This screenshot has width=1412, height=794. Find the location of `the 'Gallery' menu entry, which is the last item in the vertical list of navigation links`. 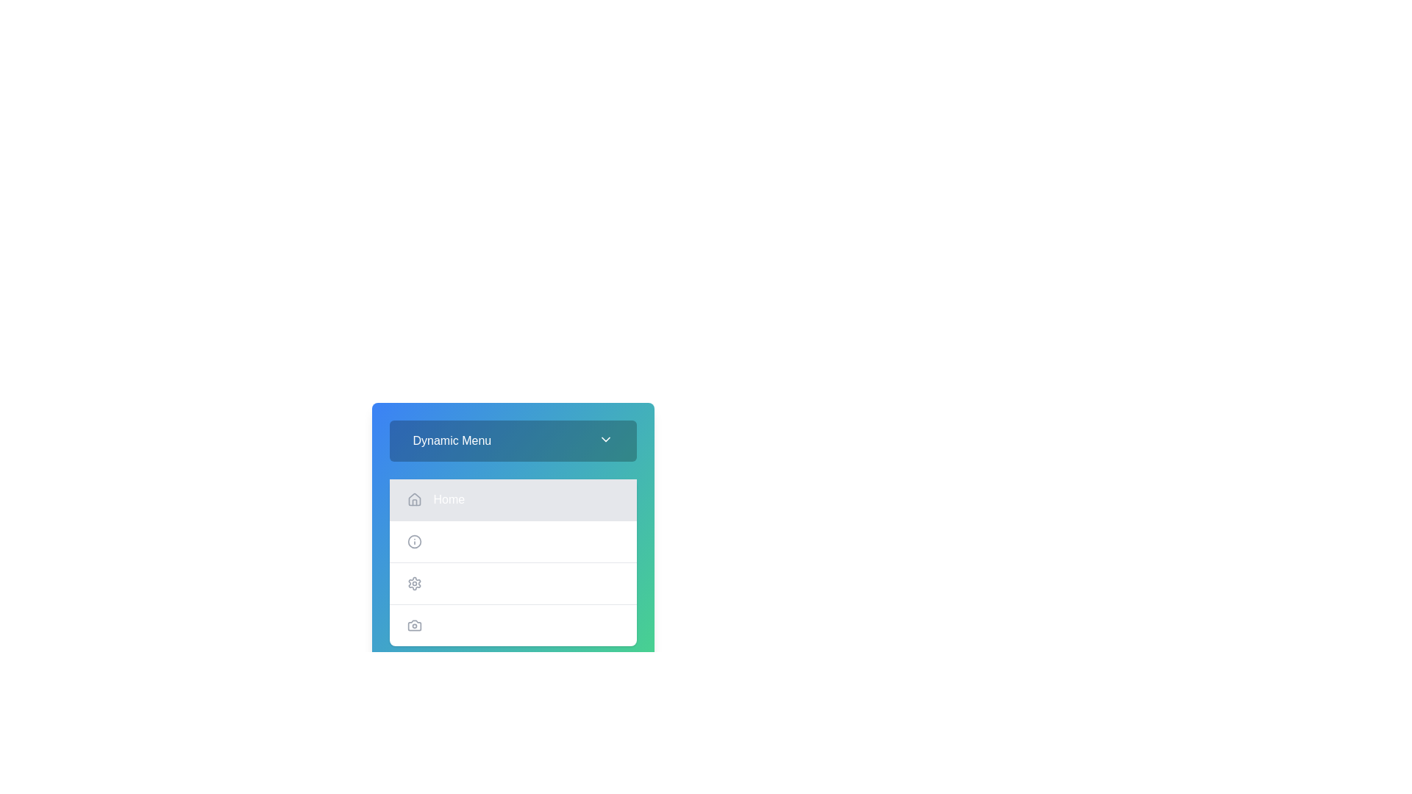

the 'Gallery' menu entry, which is the last item in the vertical list of navigation links is located at coordinates (513, 625).